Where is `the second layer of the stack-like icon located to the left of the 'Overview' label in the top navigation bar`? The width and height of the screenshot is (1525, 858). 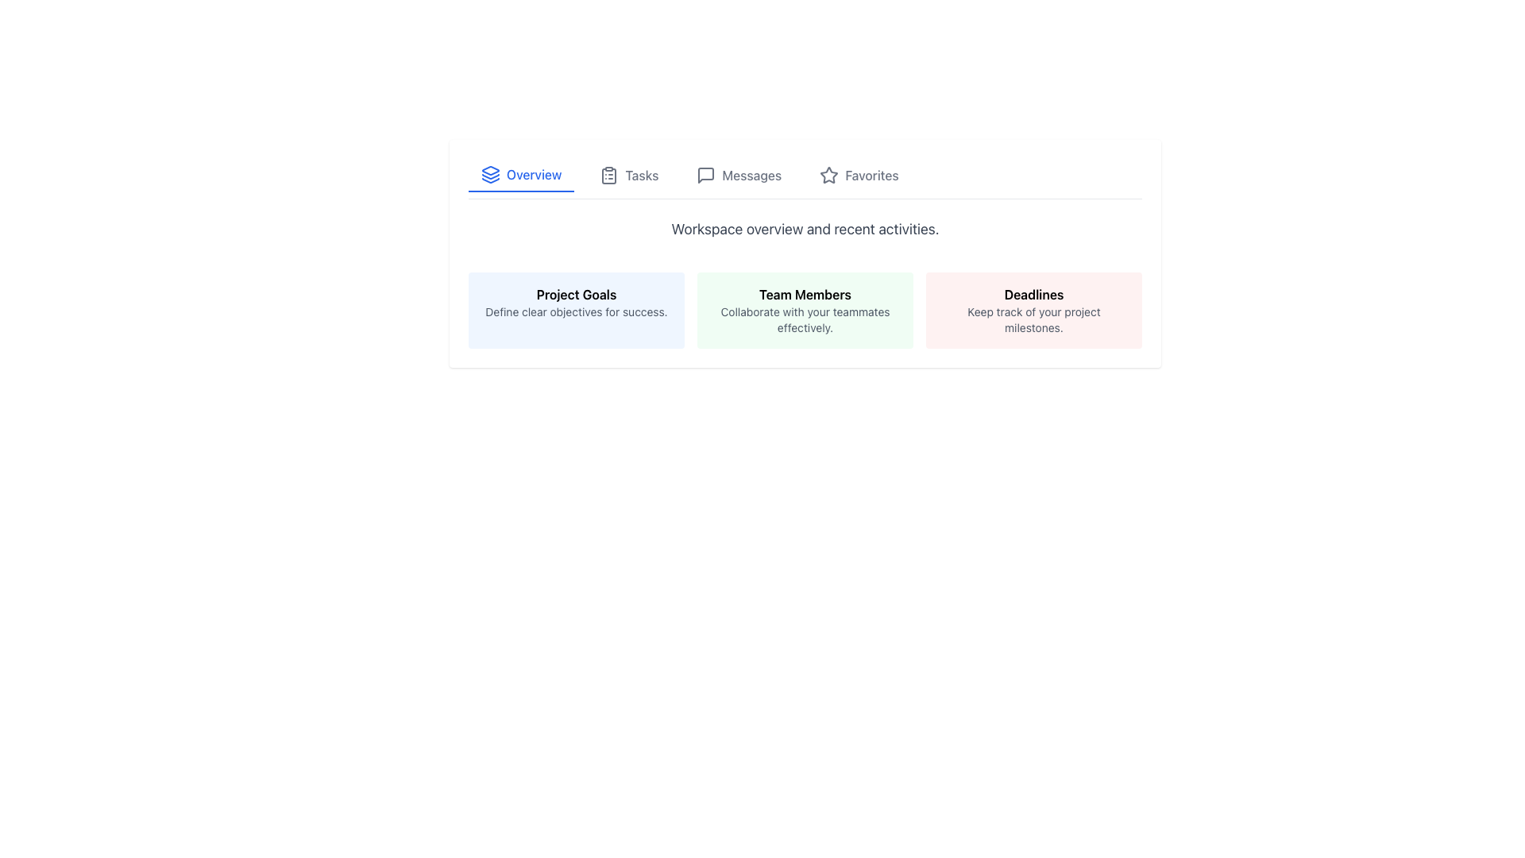 the second layer of the stack-like icon located to the left of the 'Overview' label in the top navigation bar is located at coordinates (490, 176).